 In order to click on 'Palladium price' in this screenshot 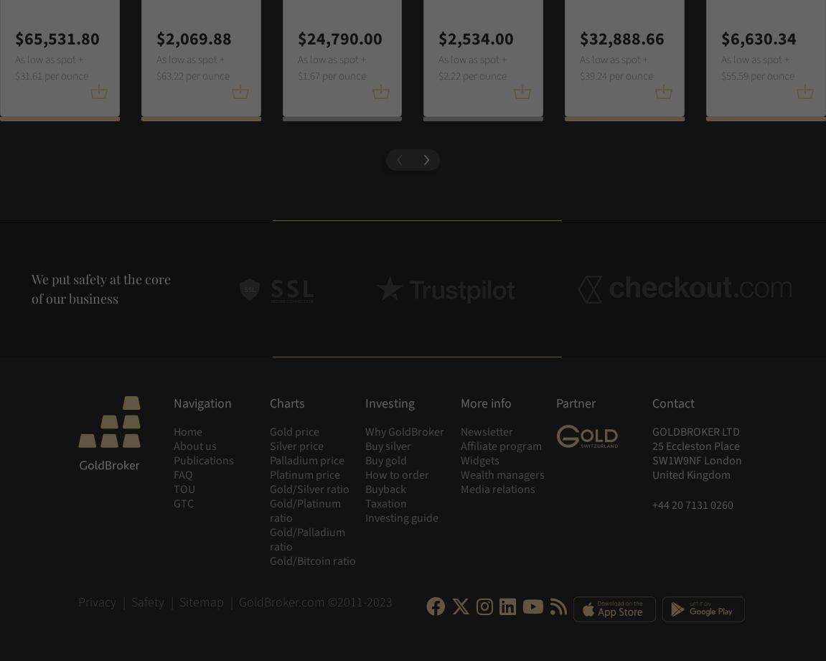, I will do `click(268, 461)`.